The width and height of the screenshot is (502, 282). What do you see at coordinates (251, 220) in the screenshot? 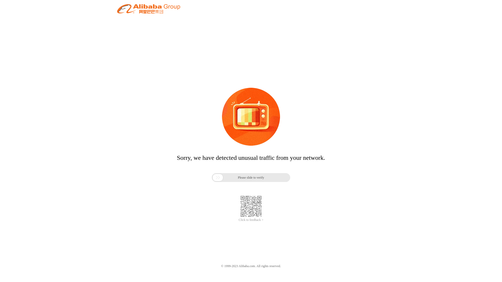
I see `'Click to feedback >'` at bounding box center [251, 220].